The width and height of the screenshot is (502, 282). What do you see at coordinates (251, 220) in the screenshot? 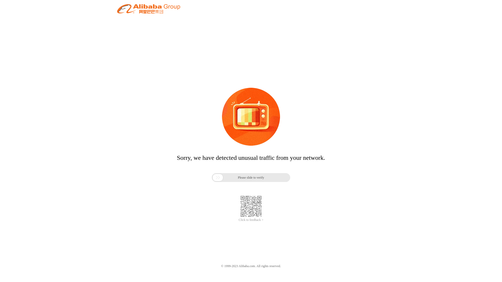
I see `'Click to feedback >'` at bounding box center [251, 220].